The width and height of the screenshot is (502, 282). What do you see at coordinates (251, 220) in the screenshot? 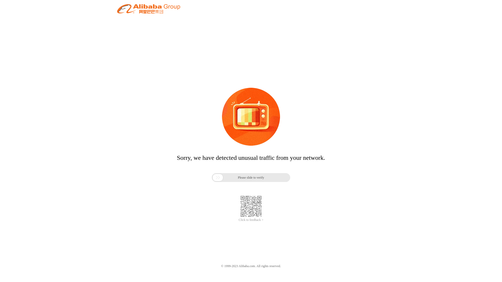
I see `'Click to feedback >'` at bounding box center [251, 220].